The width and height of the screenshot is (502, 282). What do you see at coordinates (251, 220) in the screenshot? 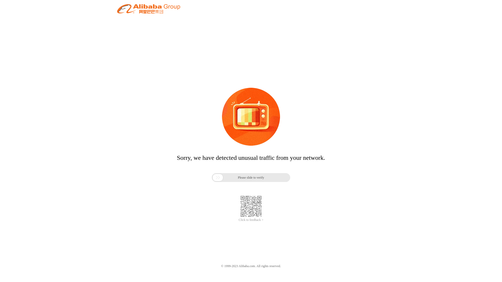
I see `'Click to feedback >'` at bounding box center [251, 220].